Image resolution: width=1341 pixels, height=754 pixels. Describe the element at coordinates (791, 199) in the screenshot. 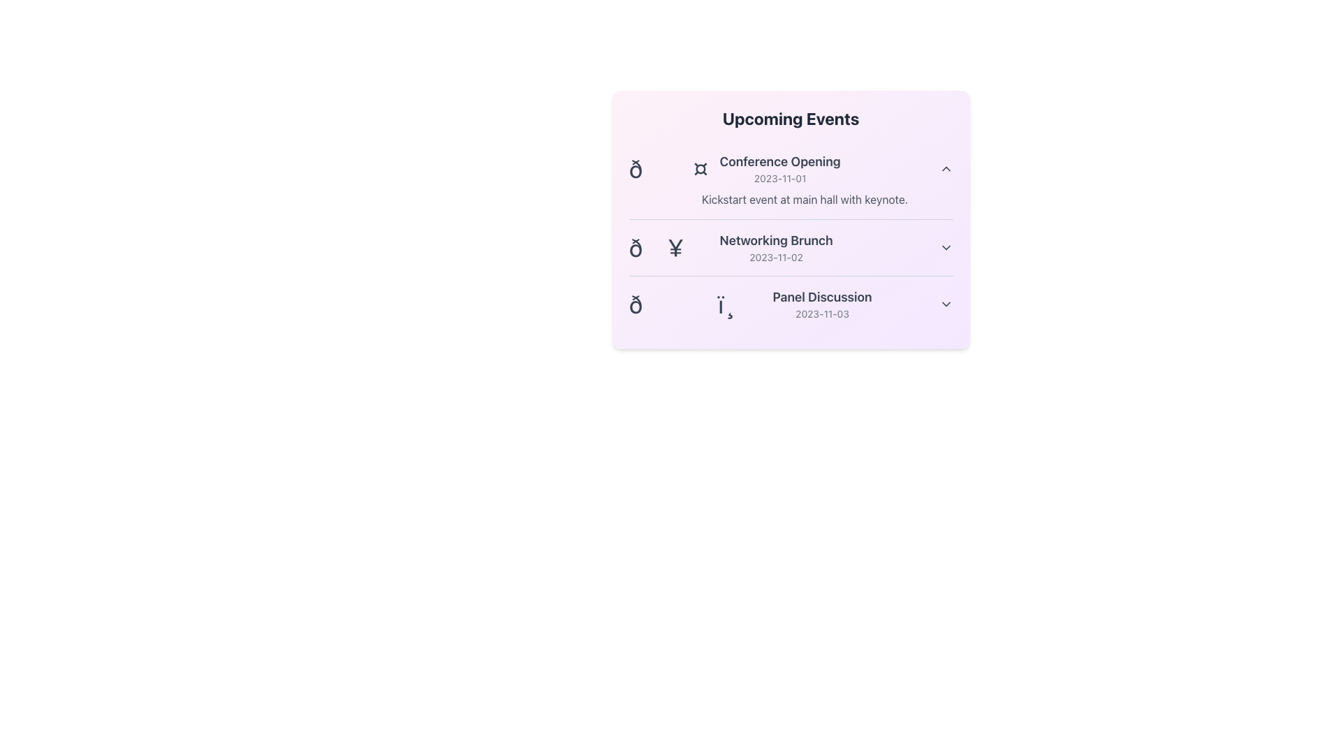

I see `the static text label providing additional description for the 'Conference Opening' event, which is located directly below the 'Conference Opening' and '2023-11-01' text in the 'Upcoming Events' section` at that location.